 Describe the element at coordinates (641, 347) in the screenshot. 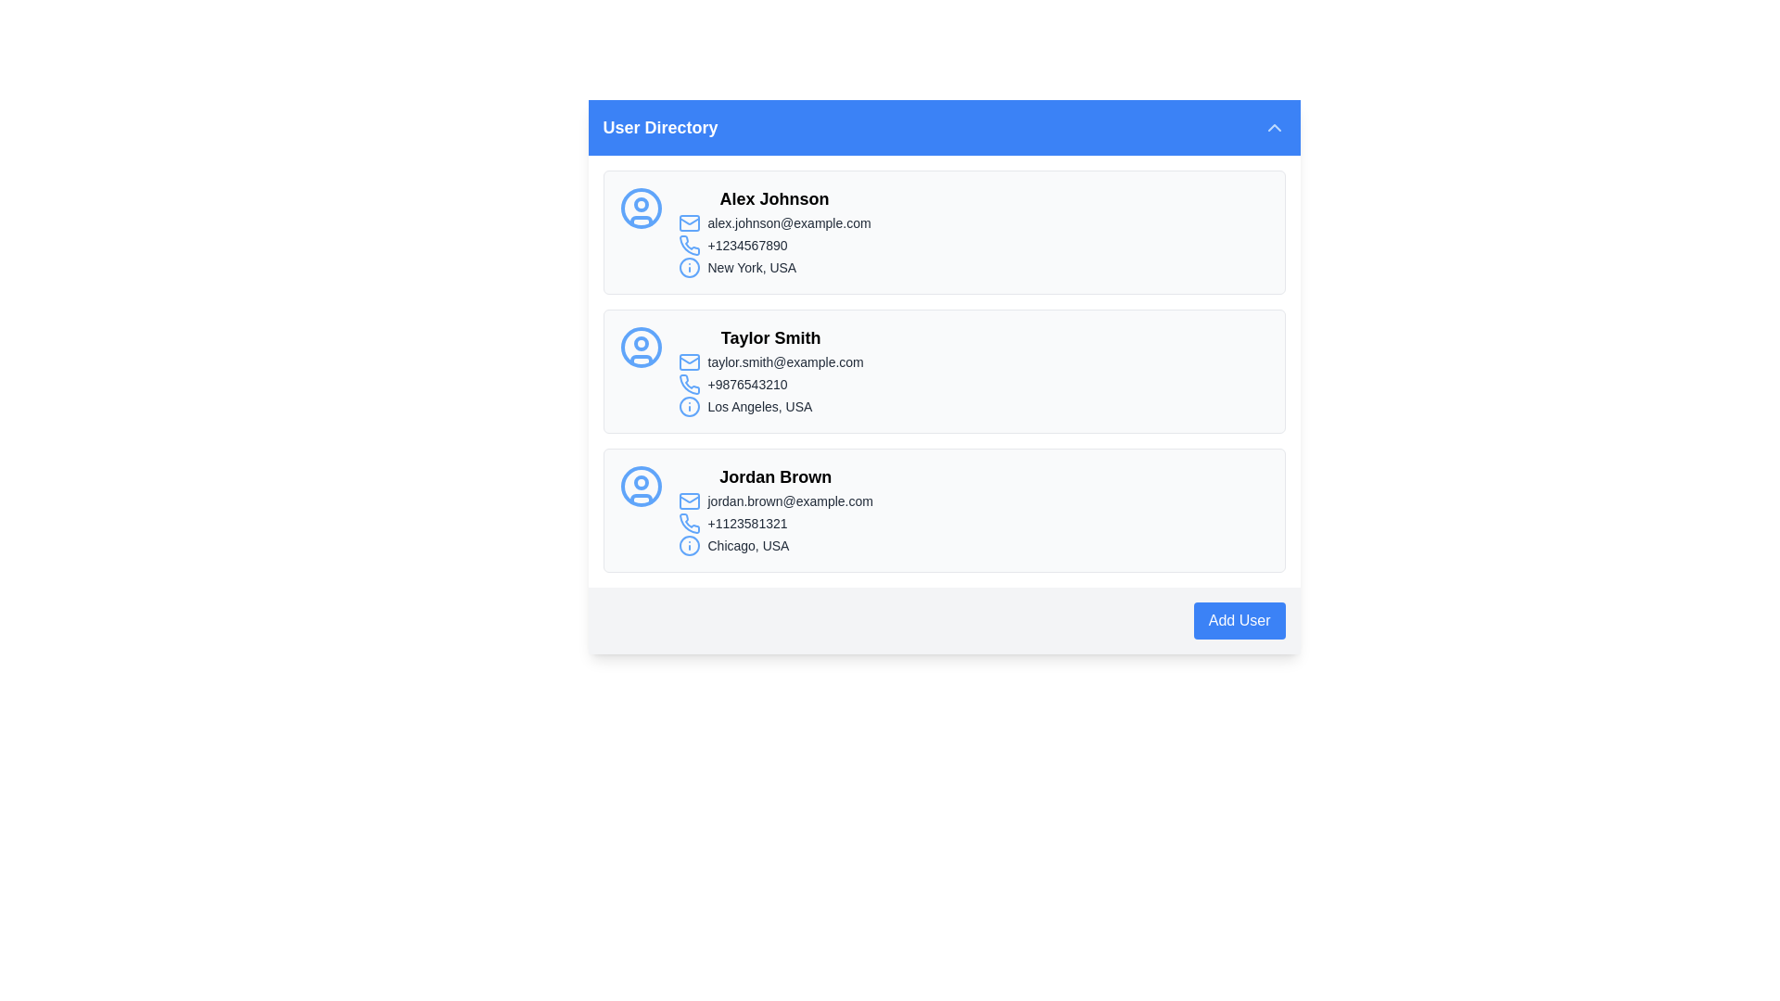

I see `the outermost circular graphical decorative element of the user profile icon for 'Taylor Smith', which is centered within the blue user outline design` at that location.